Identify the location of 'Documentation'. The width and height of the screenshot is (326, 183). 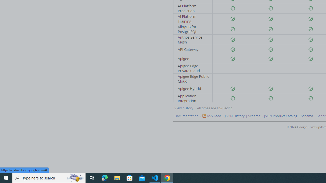
(186, 116).